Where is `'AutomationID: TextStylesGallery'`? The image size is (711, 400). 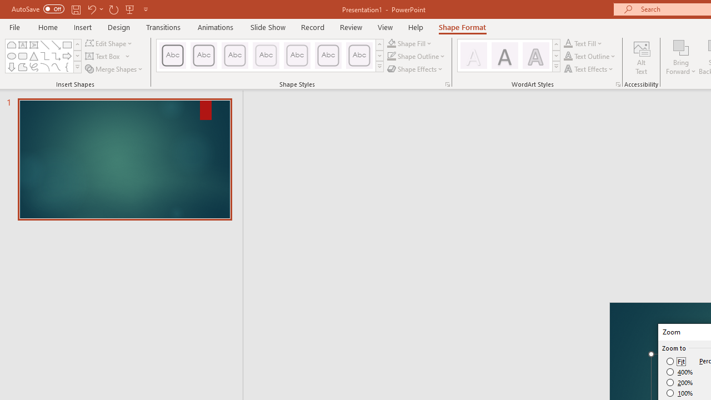 'AutomationID: TextStylesGallery' is located at coordinates (509, 56).